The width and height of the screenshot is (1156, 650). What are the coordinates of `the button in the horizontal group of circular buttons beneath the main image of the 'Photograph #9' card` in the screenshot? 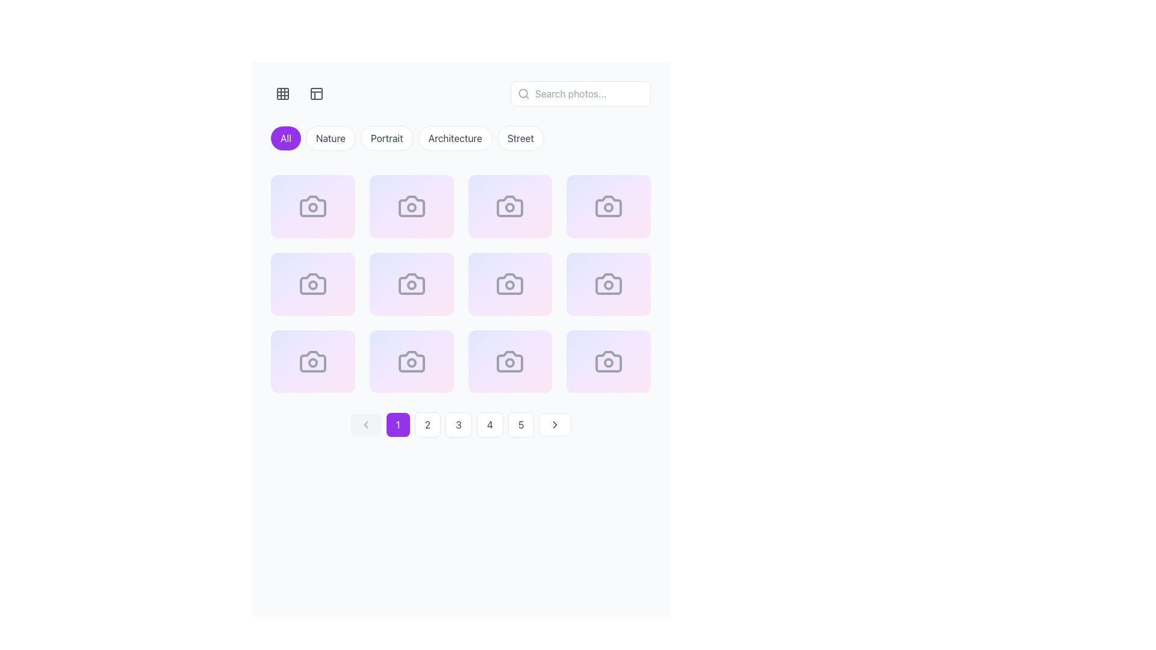 It's located at (312, 373).